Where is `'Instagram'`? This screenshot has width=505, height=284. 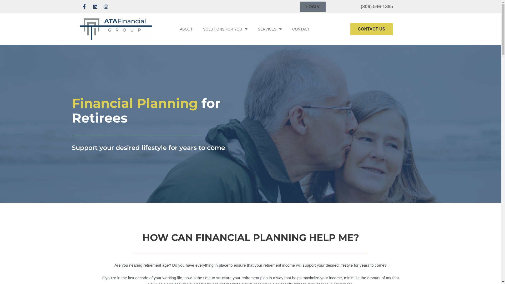 'Instagram' is located at coordinates (105, 6).